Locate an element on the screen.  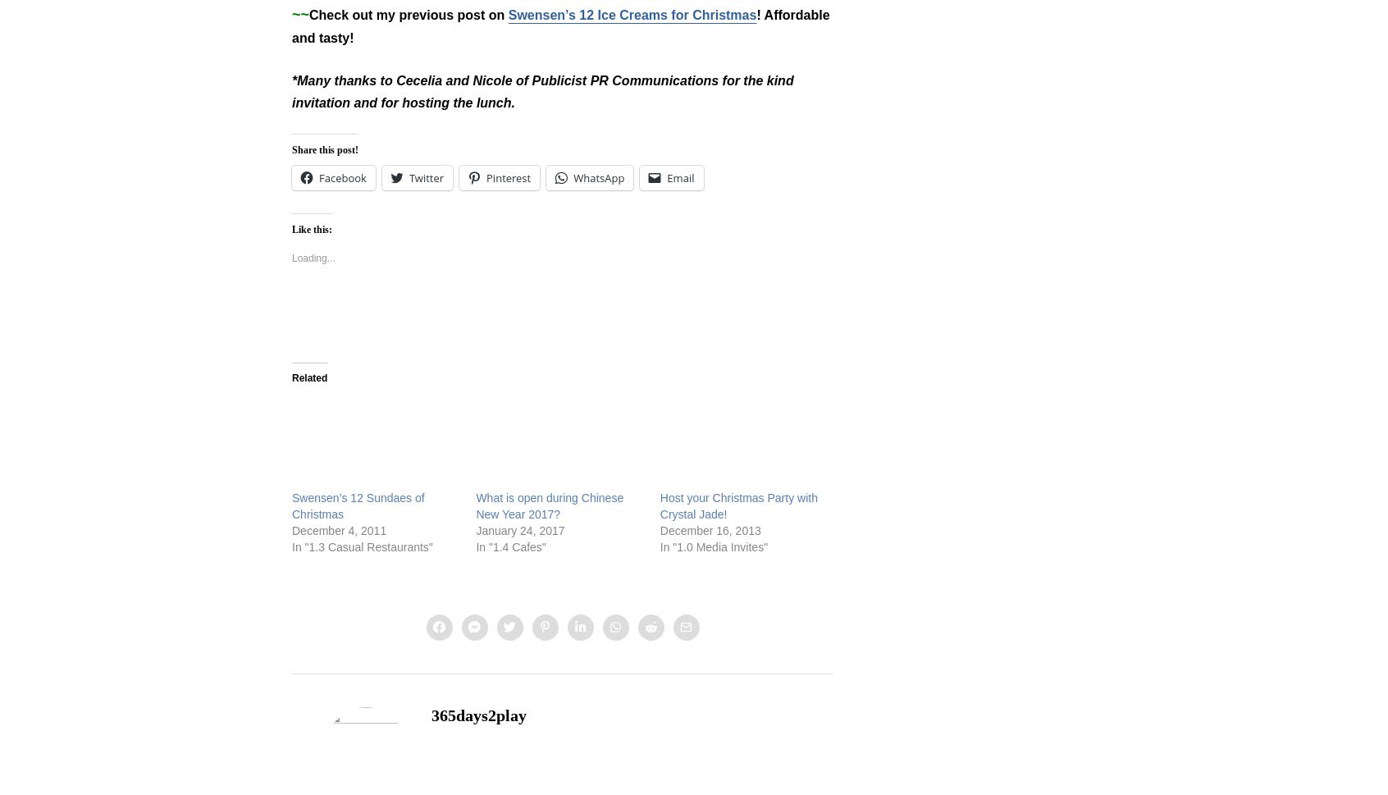
'Twitter' is located at coordinates (426, 177).